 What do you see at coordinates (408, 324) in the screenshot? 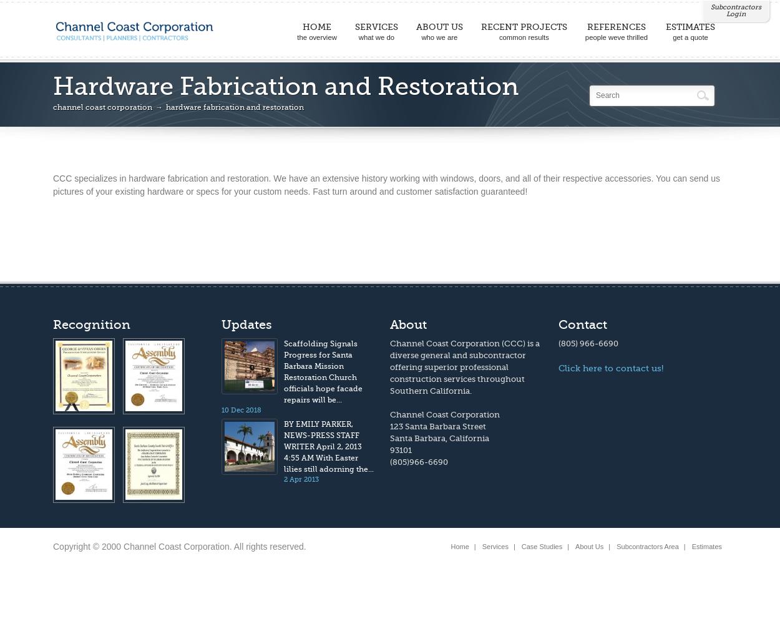
I see `'About'` at bounding box center [408, 324].